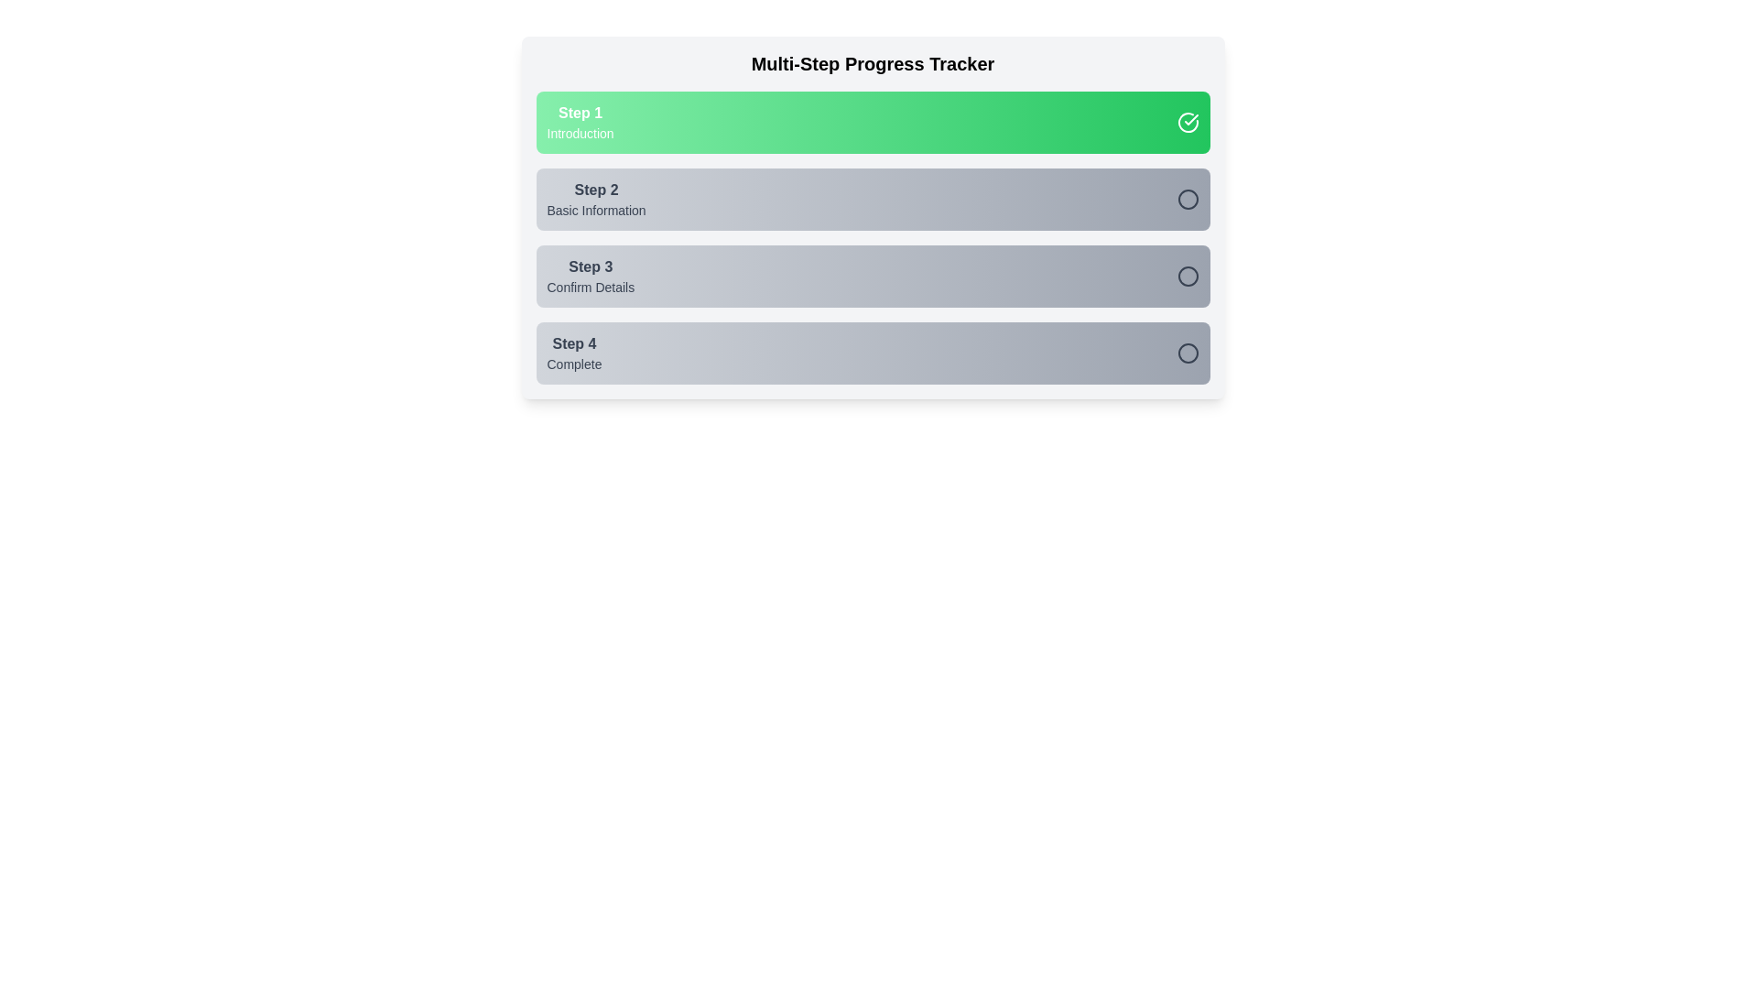 The image size is (1758, 989). Describe the element at coordinates (580, 123) in the screenshot. I see `the first step text label in the progress tracker, which is a composite text label indicating the current step with a gradient green background` at that location.